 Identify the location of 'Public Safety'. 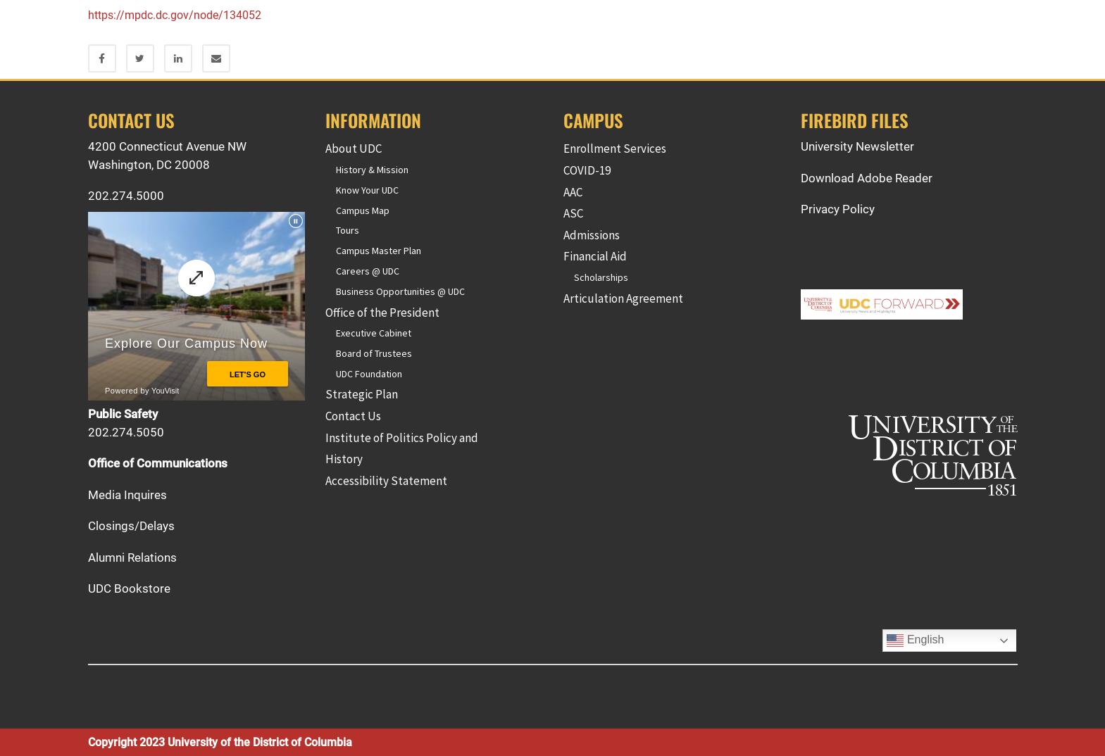
(86, 413).